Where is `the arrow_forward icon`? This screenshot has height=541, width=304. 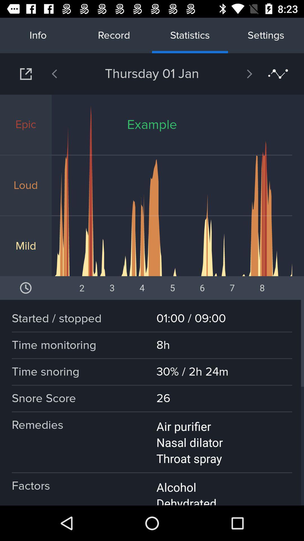 the arrow_forward icon is located at coordinates (235, 74).